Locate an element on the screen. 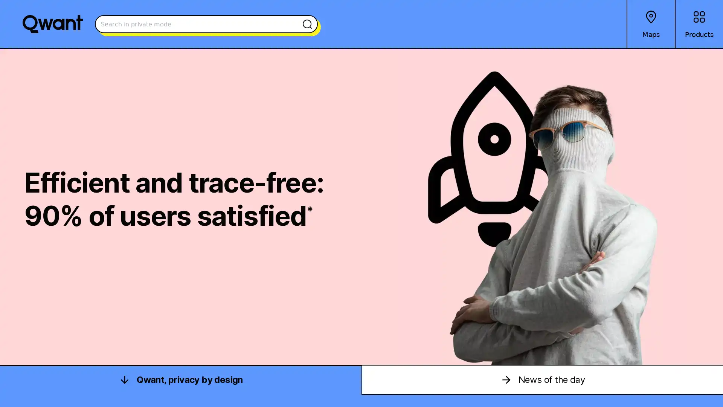  Search the web is located at coordinates (289, 24).